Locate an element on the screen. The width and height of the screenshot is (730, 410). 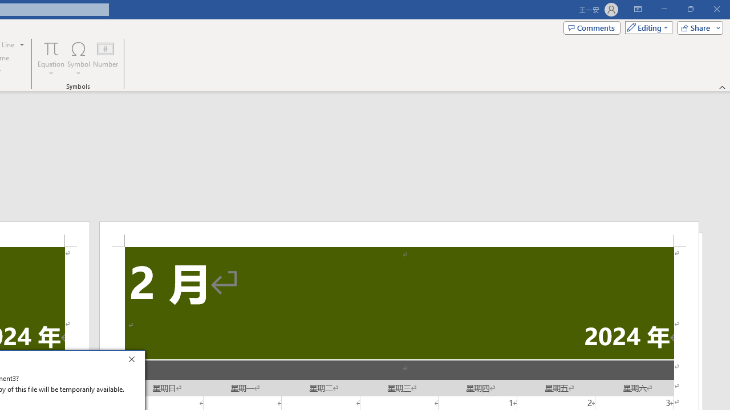
'Restore Down' is located at coordinates (690, 9).